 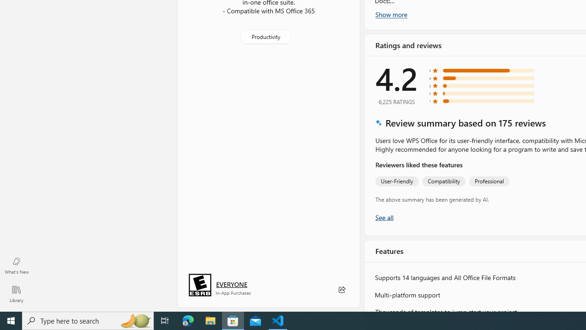 What do you see at coordinates (232, 283) in the screenshot?
I see `'Age rating: EVERYONE. Click for more information.'` at bounding box center [232, 283].